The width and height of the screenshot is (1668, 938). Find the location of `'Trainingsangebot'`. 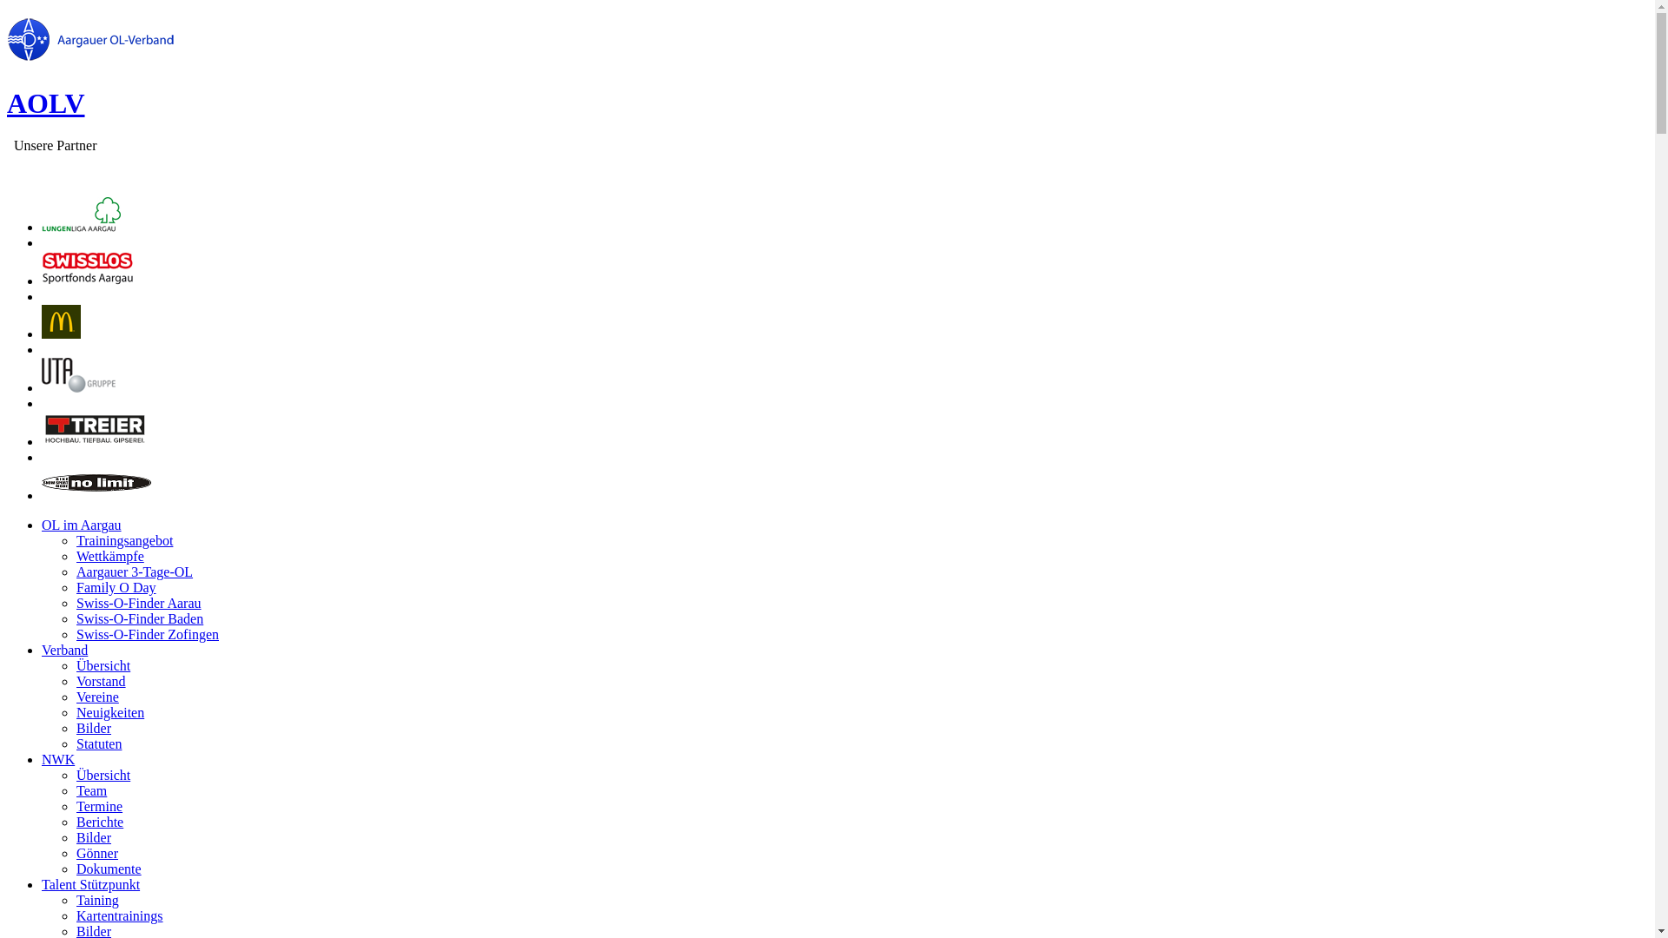

'Trainingsangebot' is located at coordinates (123, 539).